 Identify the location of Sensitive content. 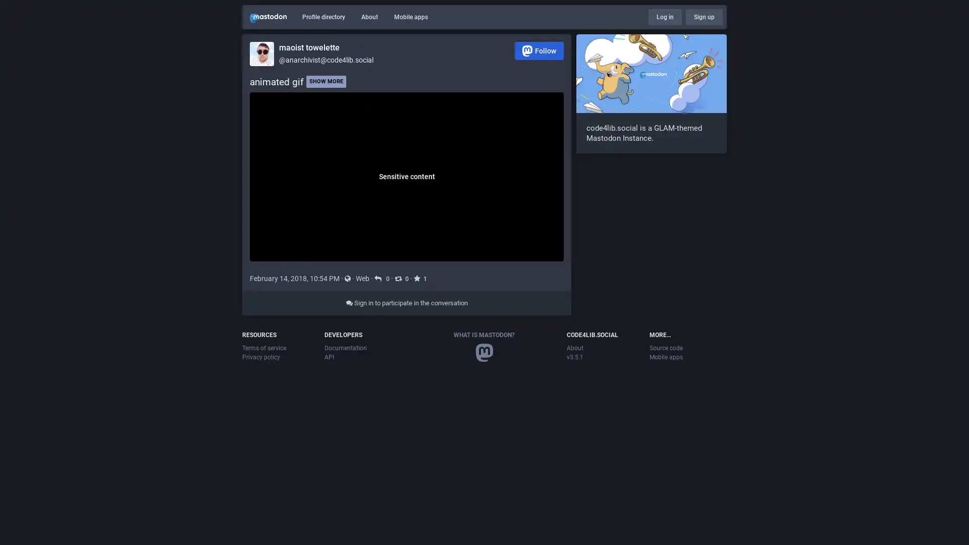
(407, 210).